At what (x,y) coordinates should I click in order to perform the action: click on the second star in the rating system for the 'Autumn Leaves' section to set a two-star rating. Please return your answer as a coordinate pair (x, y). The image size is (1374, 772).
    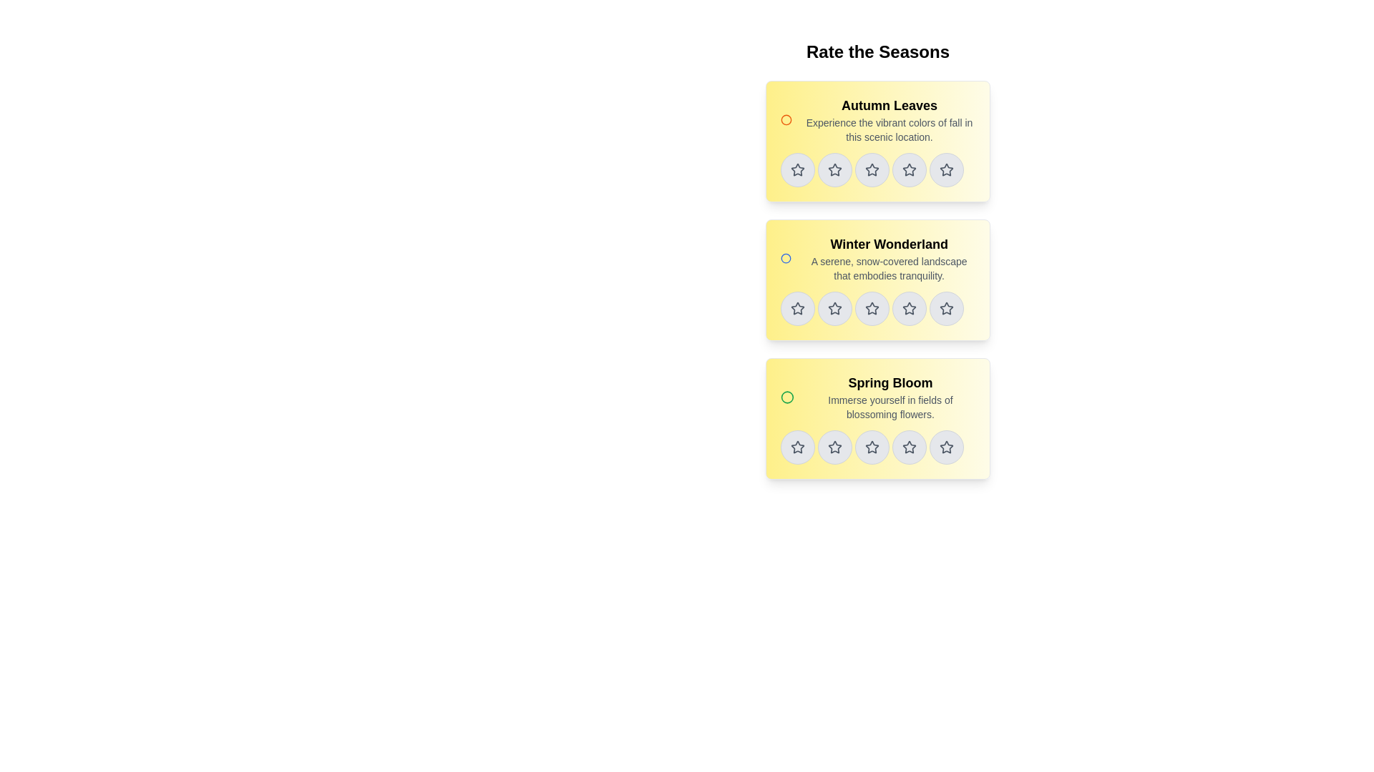
    Looking at the image, I should click on (834, 169).